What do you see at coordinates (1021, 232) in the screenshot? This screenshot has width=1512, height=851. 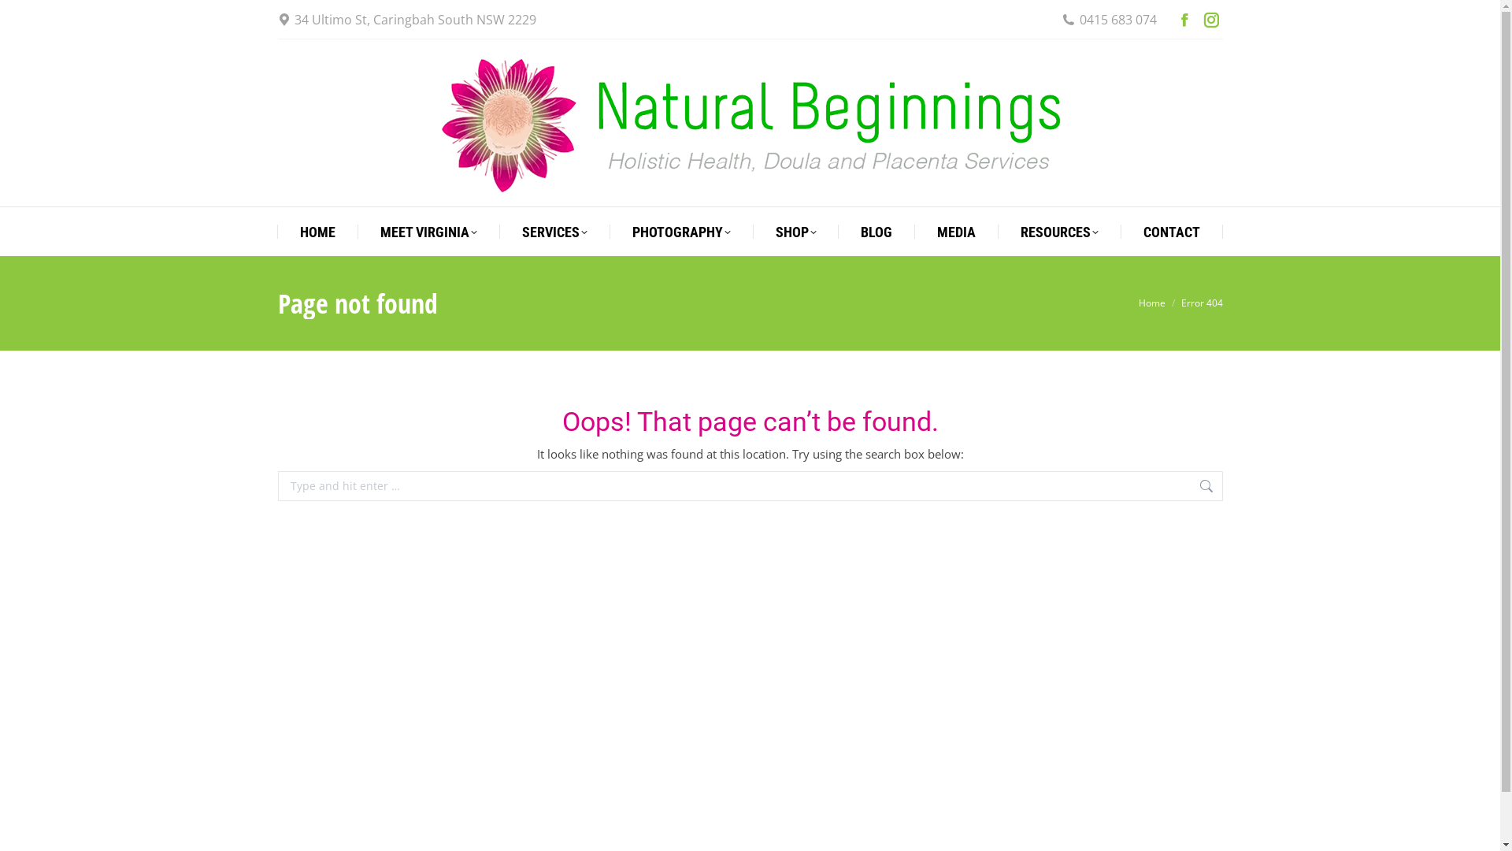 I see `'RESOURCES'` at bounding box center [1021, 232].